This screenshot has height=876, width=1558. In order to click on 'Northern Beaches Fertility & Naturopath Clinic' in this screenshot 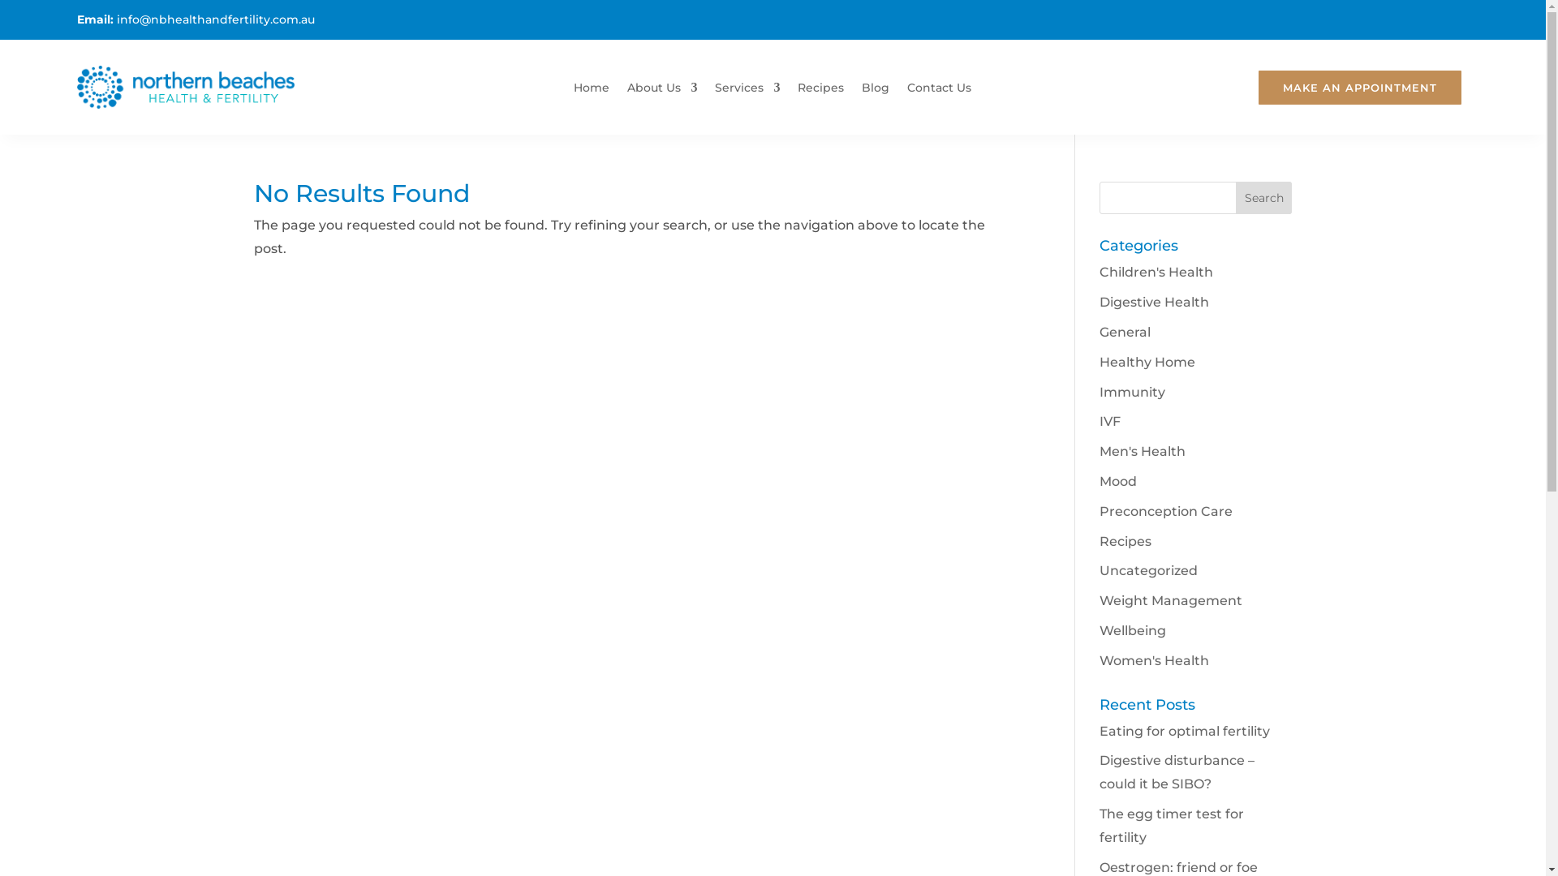, I will do `click(185, 88)`.